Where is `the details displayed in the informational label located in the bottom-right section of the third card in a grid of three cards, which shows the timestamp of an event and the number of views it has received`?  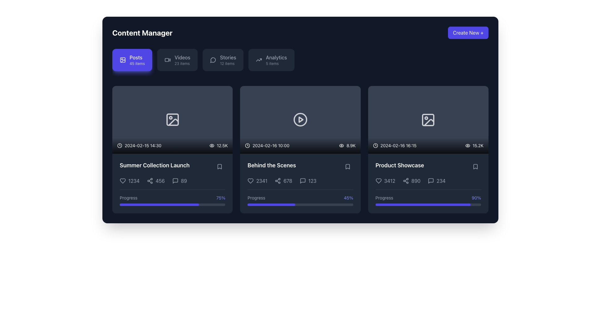
the details displayed in the informational label located in the bottom-right section of the third card in a grid of three cards, which shows the timestamp of an event and the number of views it has received is located at coordinates (428, 145).